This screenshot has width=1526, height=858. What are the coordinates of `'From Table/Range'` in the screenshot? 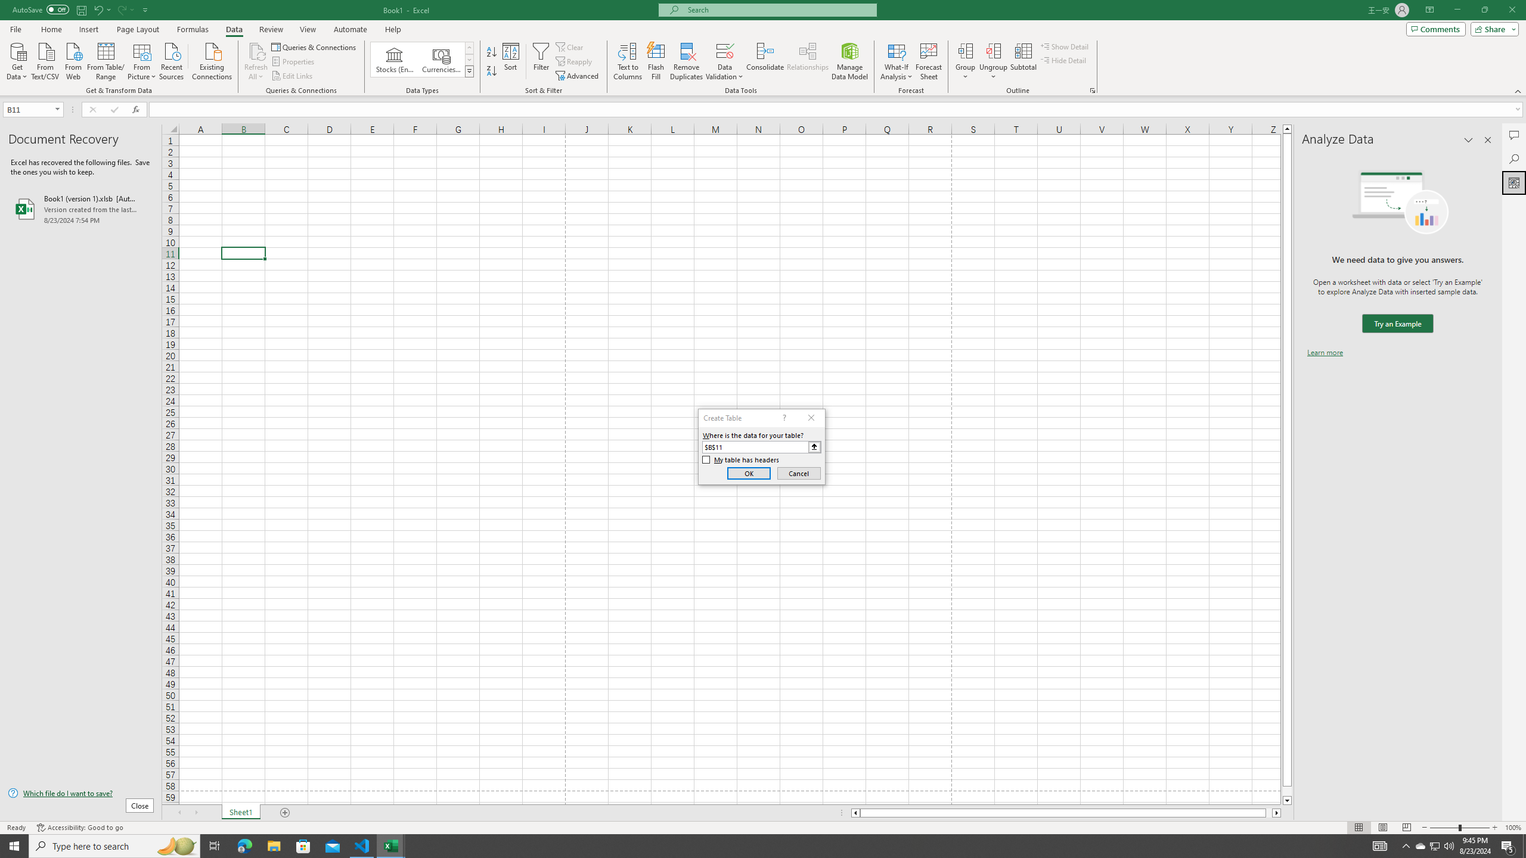 It's located at (105, 60).